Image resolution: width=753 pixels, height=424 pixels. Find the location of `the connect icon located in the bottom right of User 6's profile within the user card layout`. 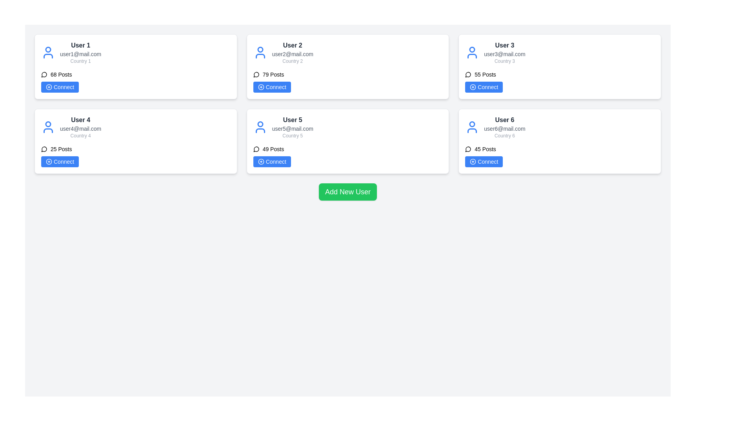

the connect icon located in the bottom right of User 6's profile within the user card layout is located at coordinates (473, 161).